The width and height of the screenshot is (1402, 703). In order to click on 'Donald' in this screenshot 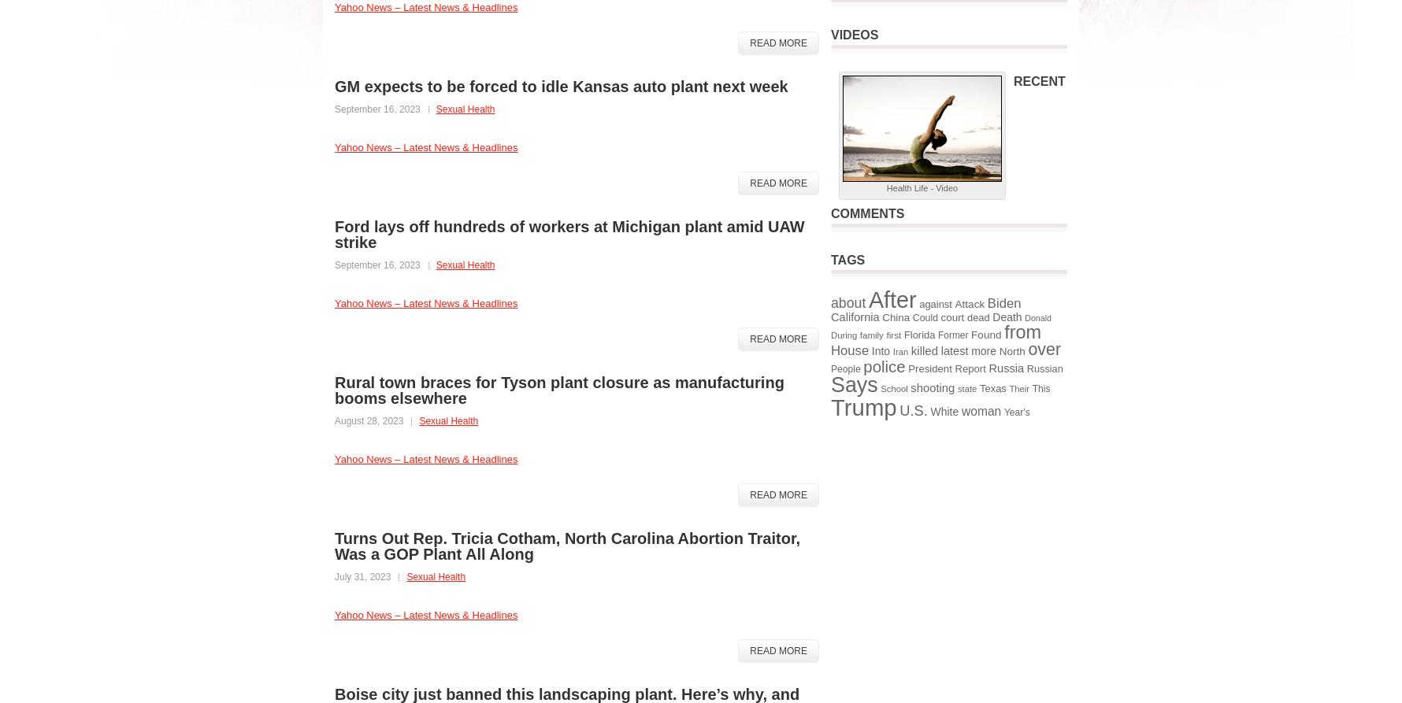, I will do `click(1037, 317)`.